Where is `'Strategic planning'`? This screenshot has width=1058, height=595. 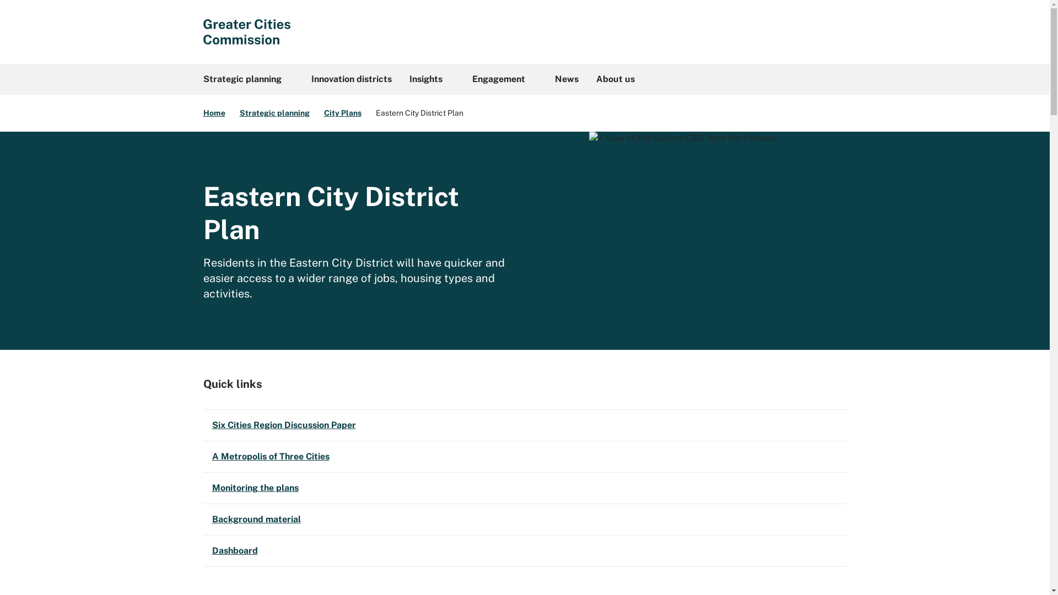 'Strategic planning' is located at coordinates (274, 112).